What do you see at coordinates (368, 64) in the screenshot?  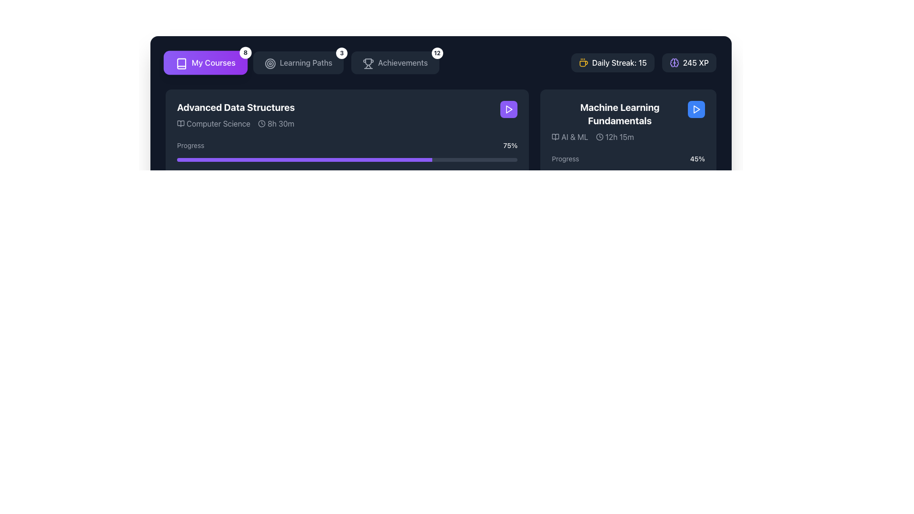 I see `the trophy icon located within the 'Achievements' button at the top navigation bar, which is styled as a minimalist outlined vector graphic with handles and a flat base` at bounding box center [368, 64].